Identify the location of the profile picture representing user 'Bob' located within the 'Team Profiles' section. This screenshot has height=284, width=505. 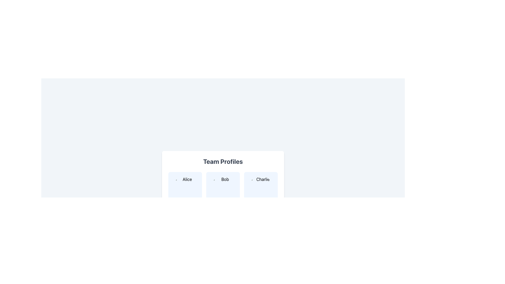
(223, 188).